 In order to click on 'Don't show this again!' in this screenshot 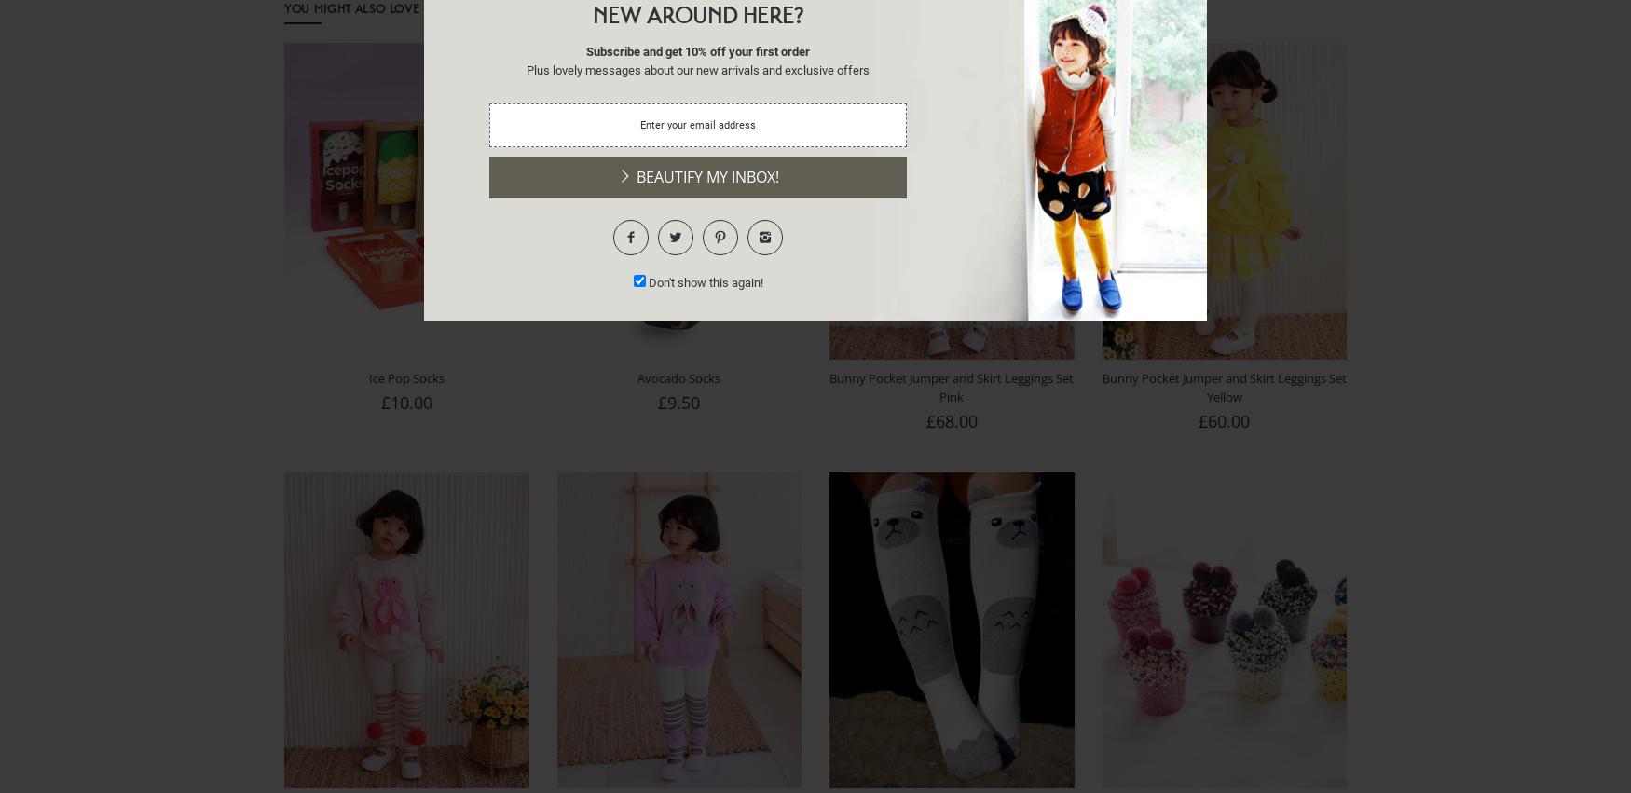, I will do `click(704, 281)`.